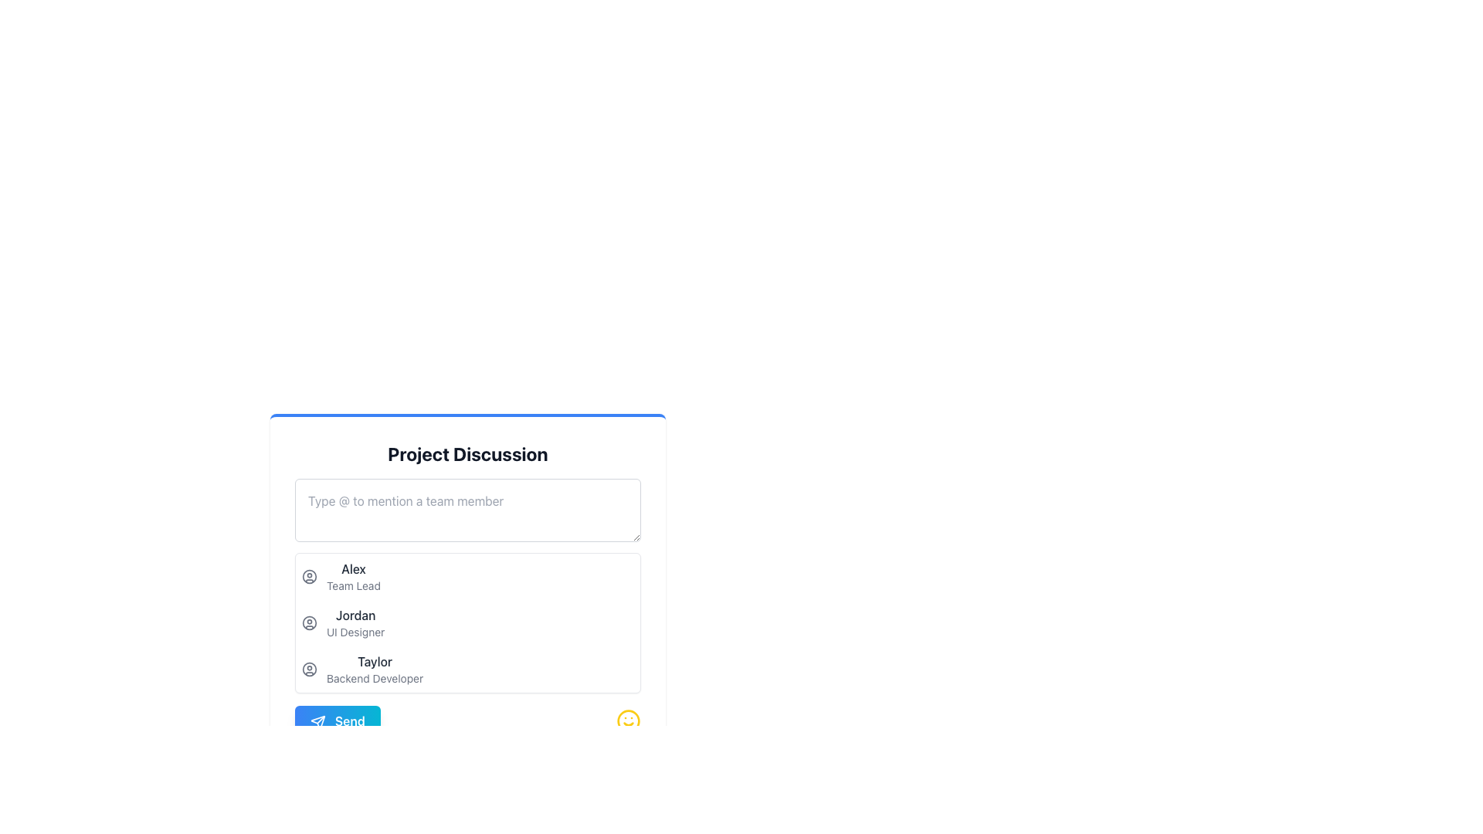 The image size is (1483, 834). I want to click on the blue gradient 'Send' button with rounded corners and white text, located at the bottom-left corner of the footer section in the discussion interface to send a message, so click(337, 720).